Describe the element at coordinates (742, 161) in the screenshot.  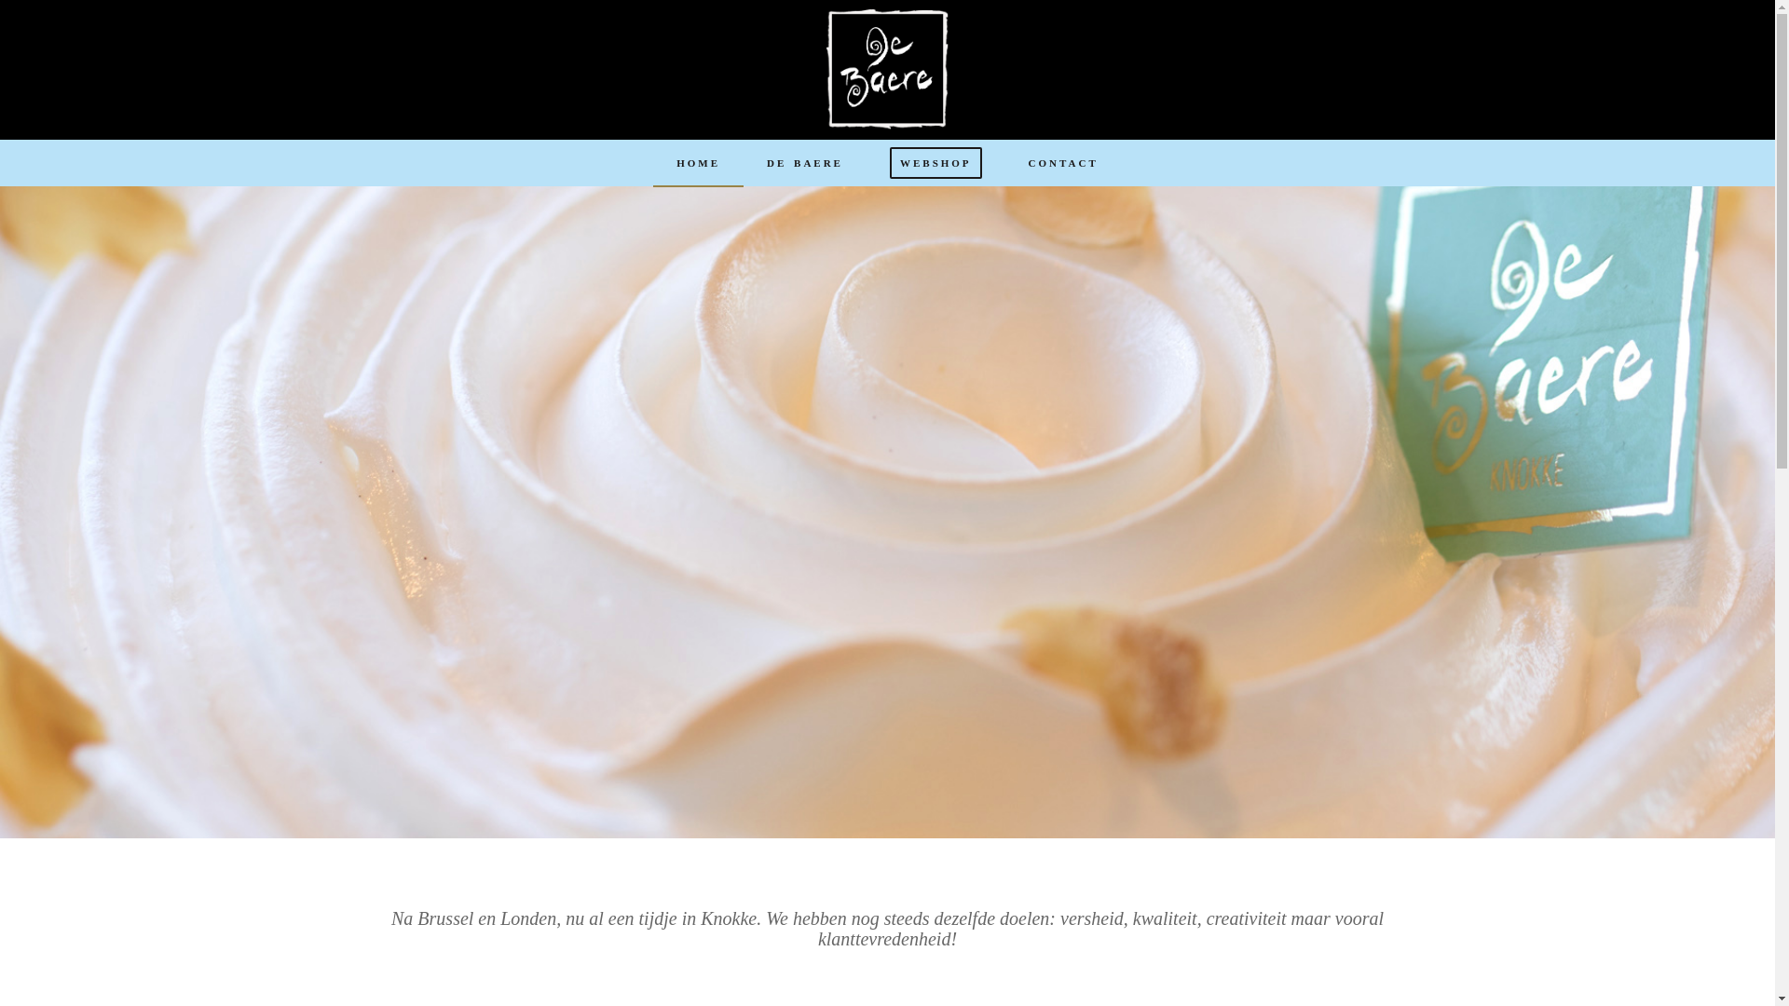
I see `'DE BAERE'` at that location.